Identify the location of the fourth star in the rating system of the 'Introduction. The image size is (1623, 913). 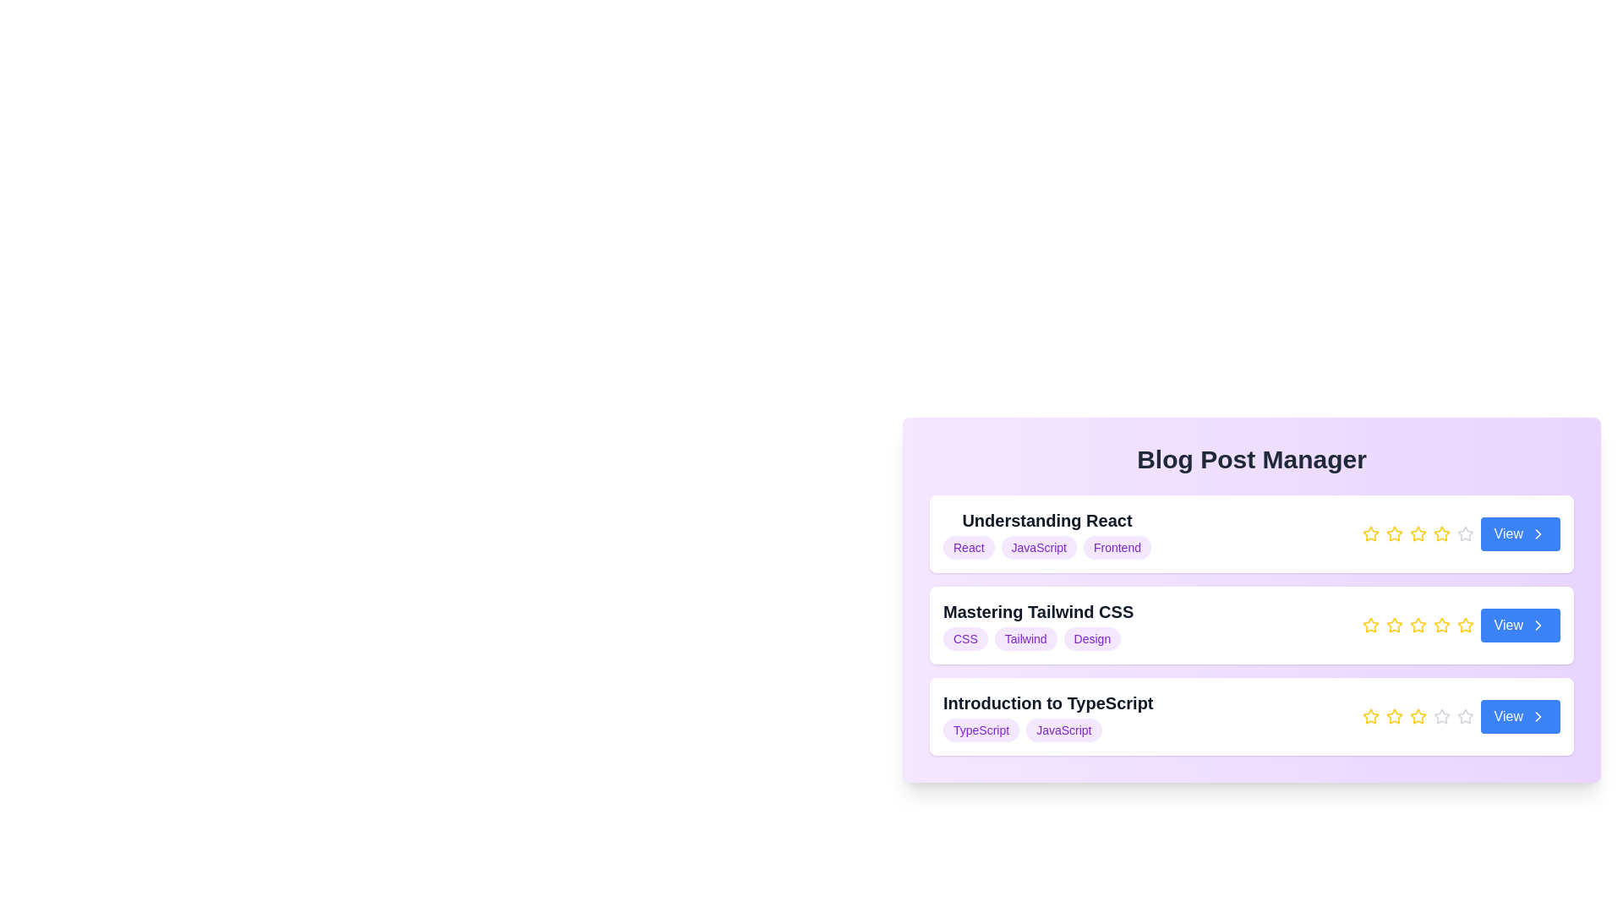
(1440, 716).